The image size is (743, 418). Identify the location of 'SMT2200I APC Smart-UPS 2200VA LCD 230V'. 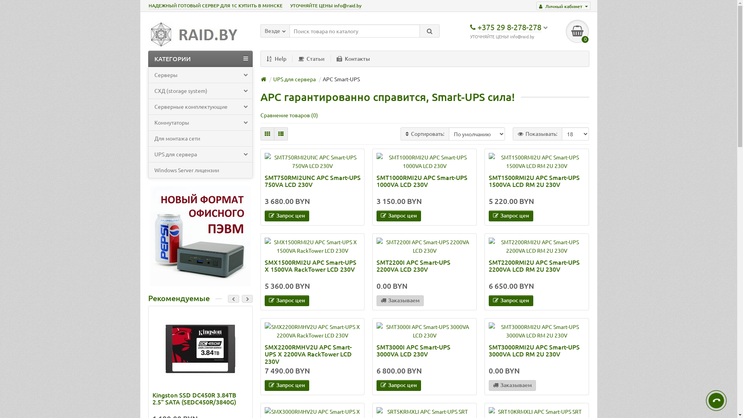
(424, 246).